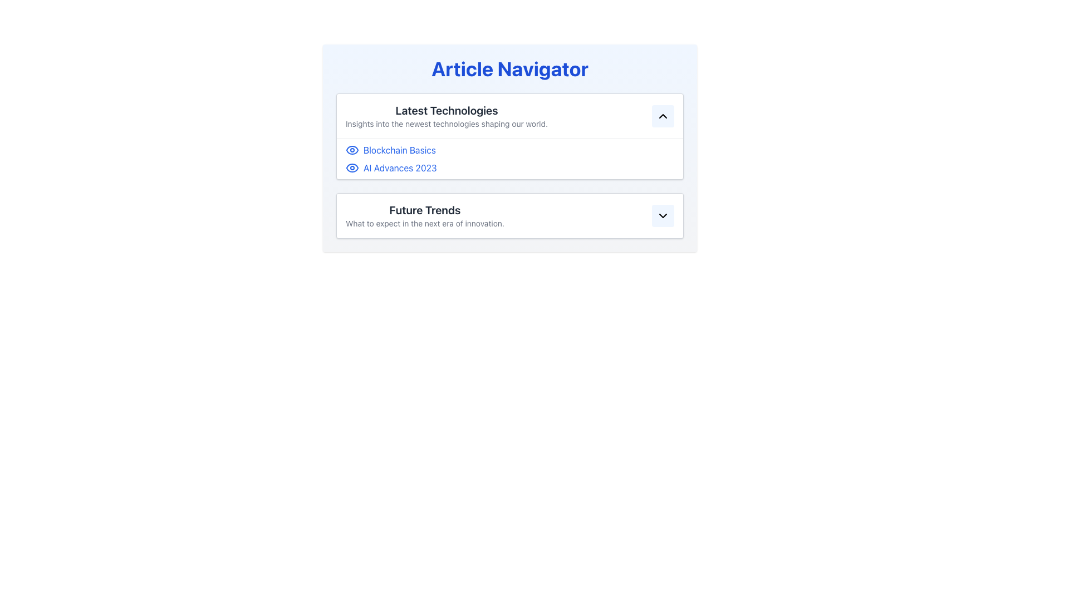 The image size is (1069, 601). Describe the element at coordinates (663, 116) in the screenshot. I see `the upward-pointing chevron icon within the light-blue rounded rectangle button located in the top-right corner of the 'Latest Technologies' panel` at that location.